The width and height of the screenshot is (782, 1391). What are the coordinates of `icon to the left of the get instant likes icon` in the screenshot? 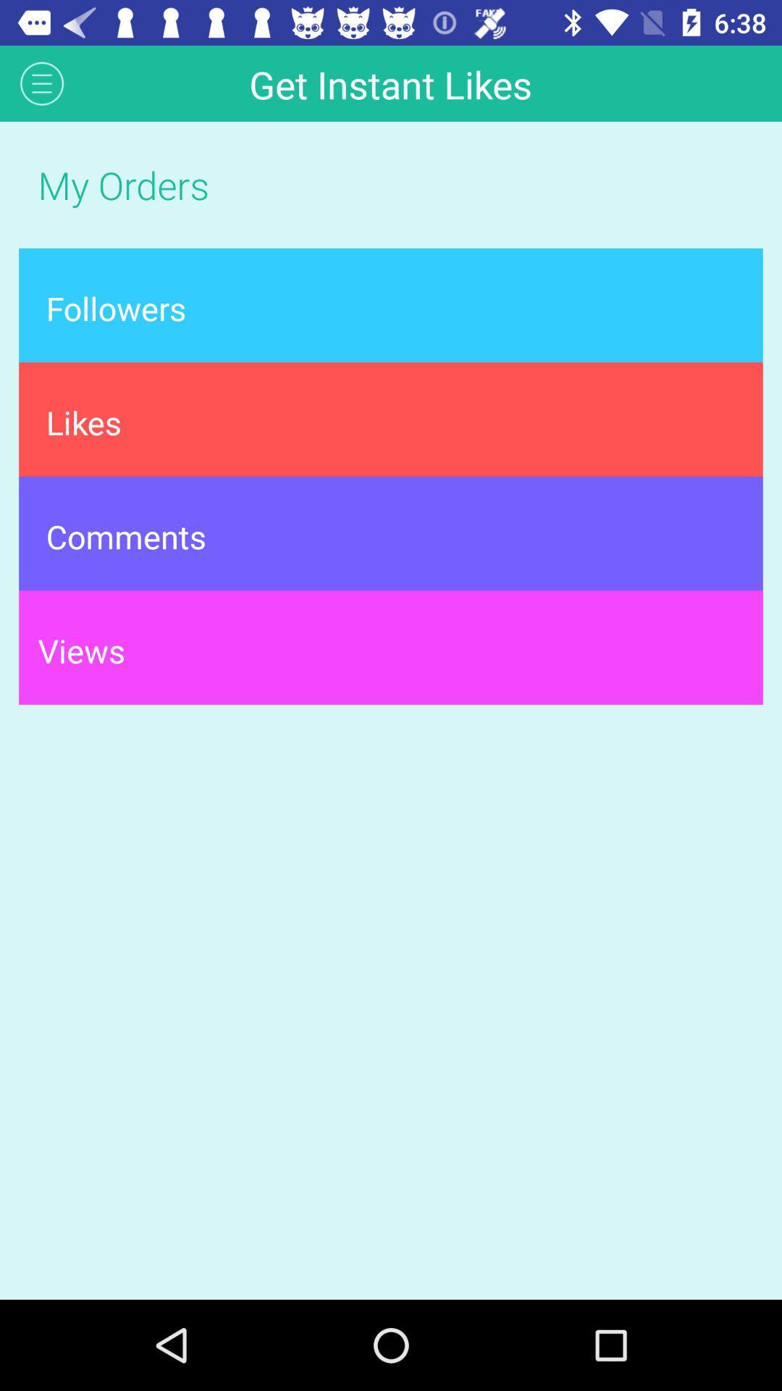 It's located at (41, 83).